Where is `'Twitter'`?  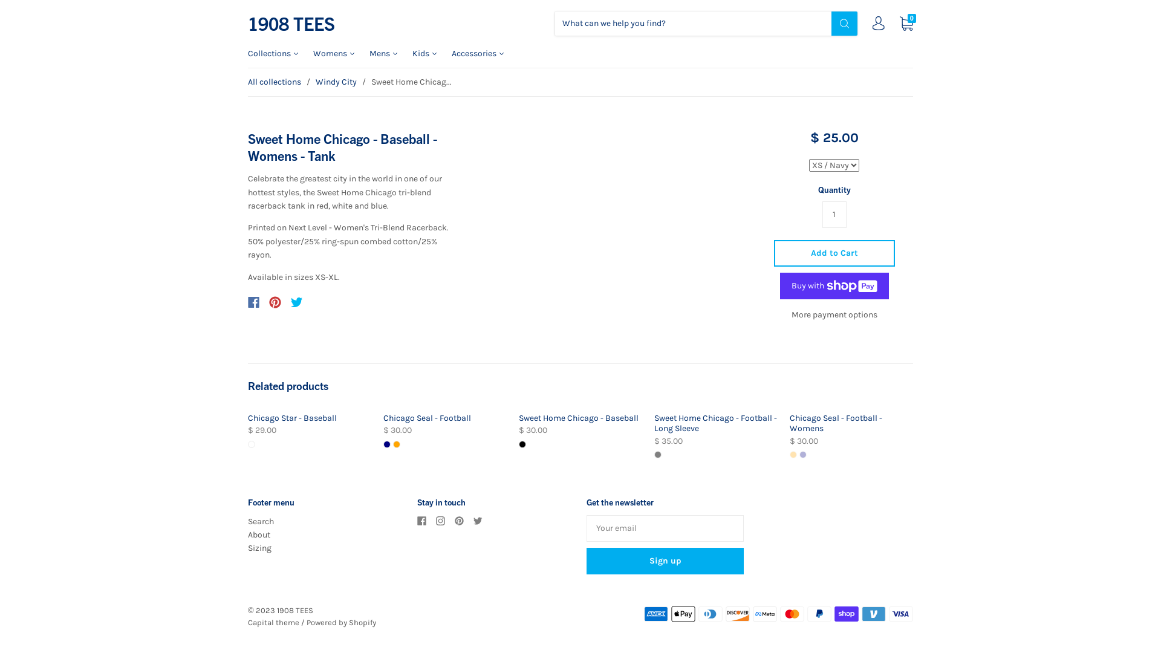
'Twitter' is located at coordinates (296, 302).